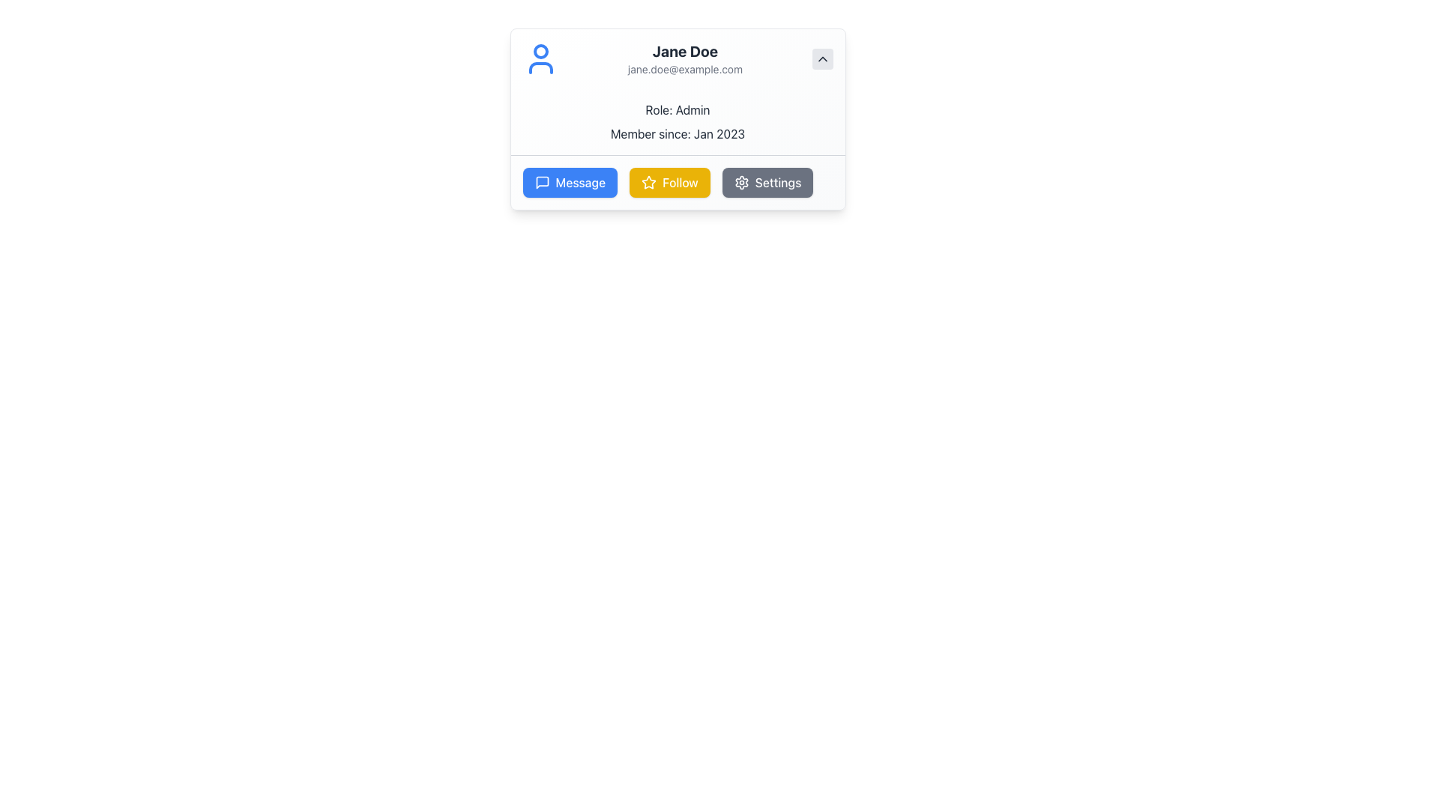 The image size is (1439, 809). Describe the element at coordinates (677, 133) in the screenshot. I see `the text-based label displaying 'Member since: Jan 2023', which is located centrally within a rectangular card under the section titled 'Role: Admin'` at that location.